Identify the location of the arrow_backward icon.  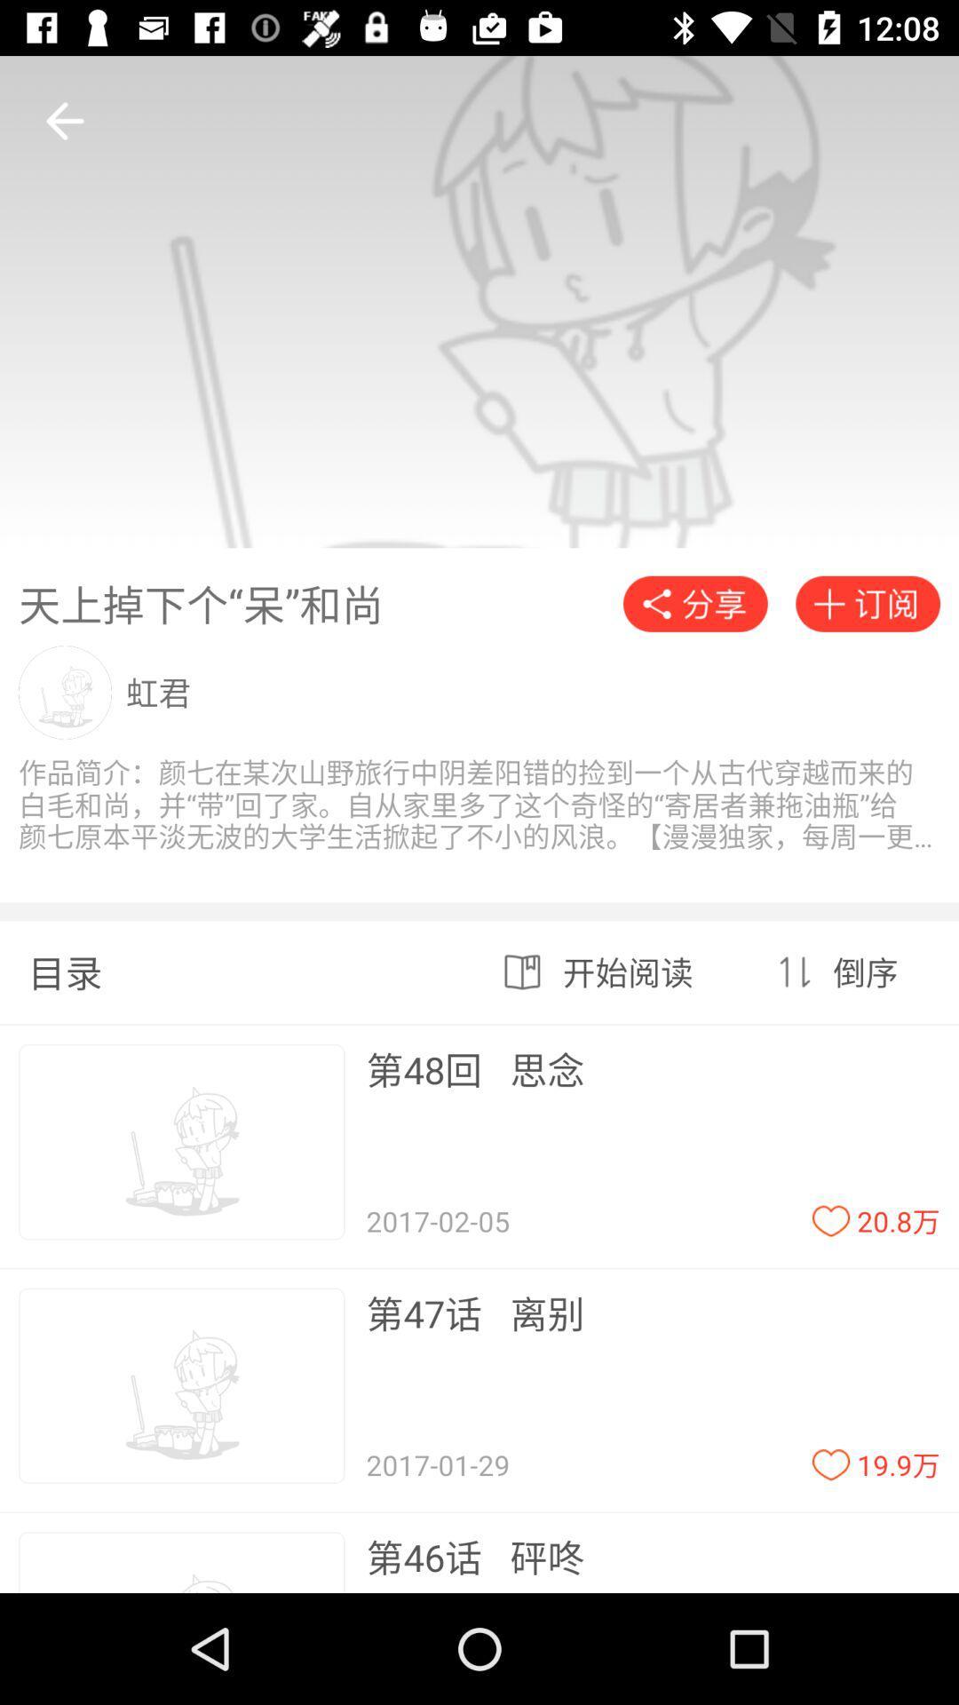
(64, 120).